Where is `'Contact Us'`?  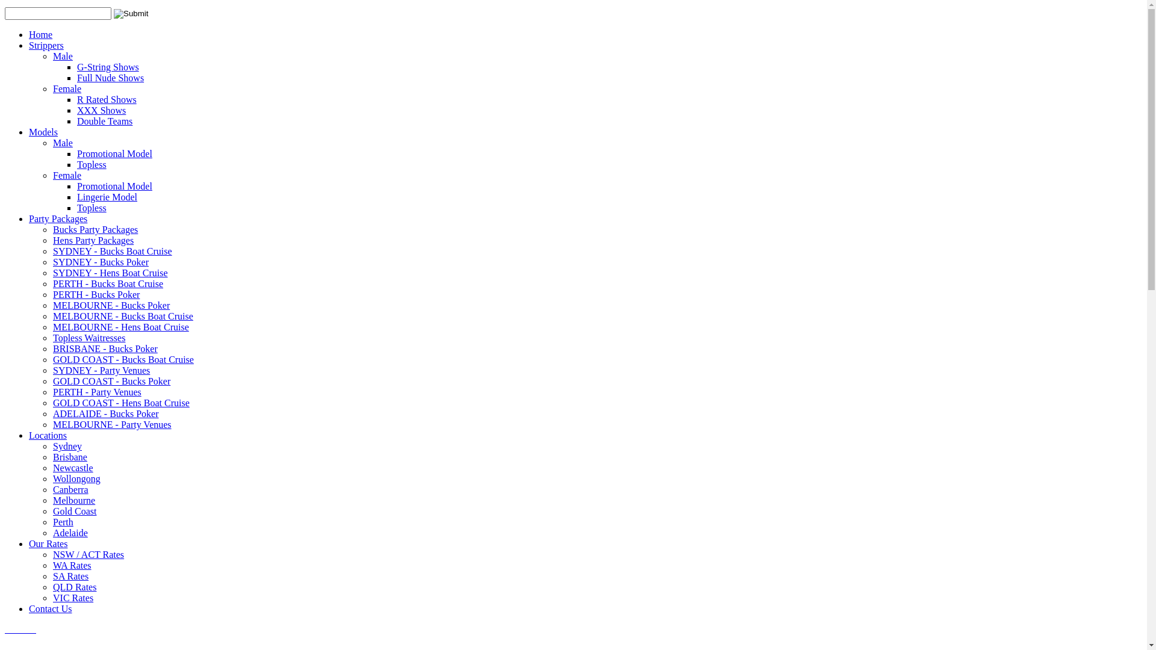 'Contact Us' is located at coordinates (49, 608).